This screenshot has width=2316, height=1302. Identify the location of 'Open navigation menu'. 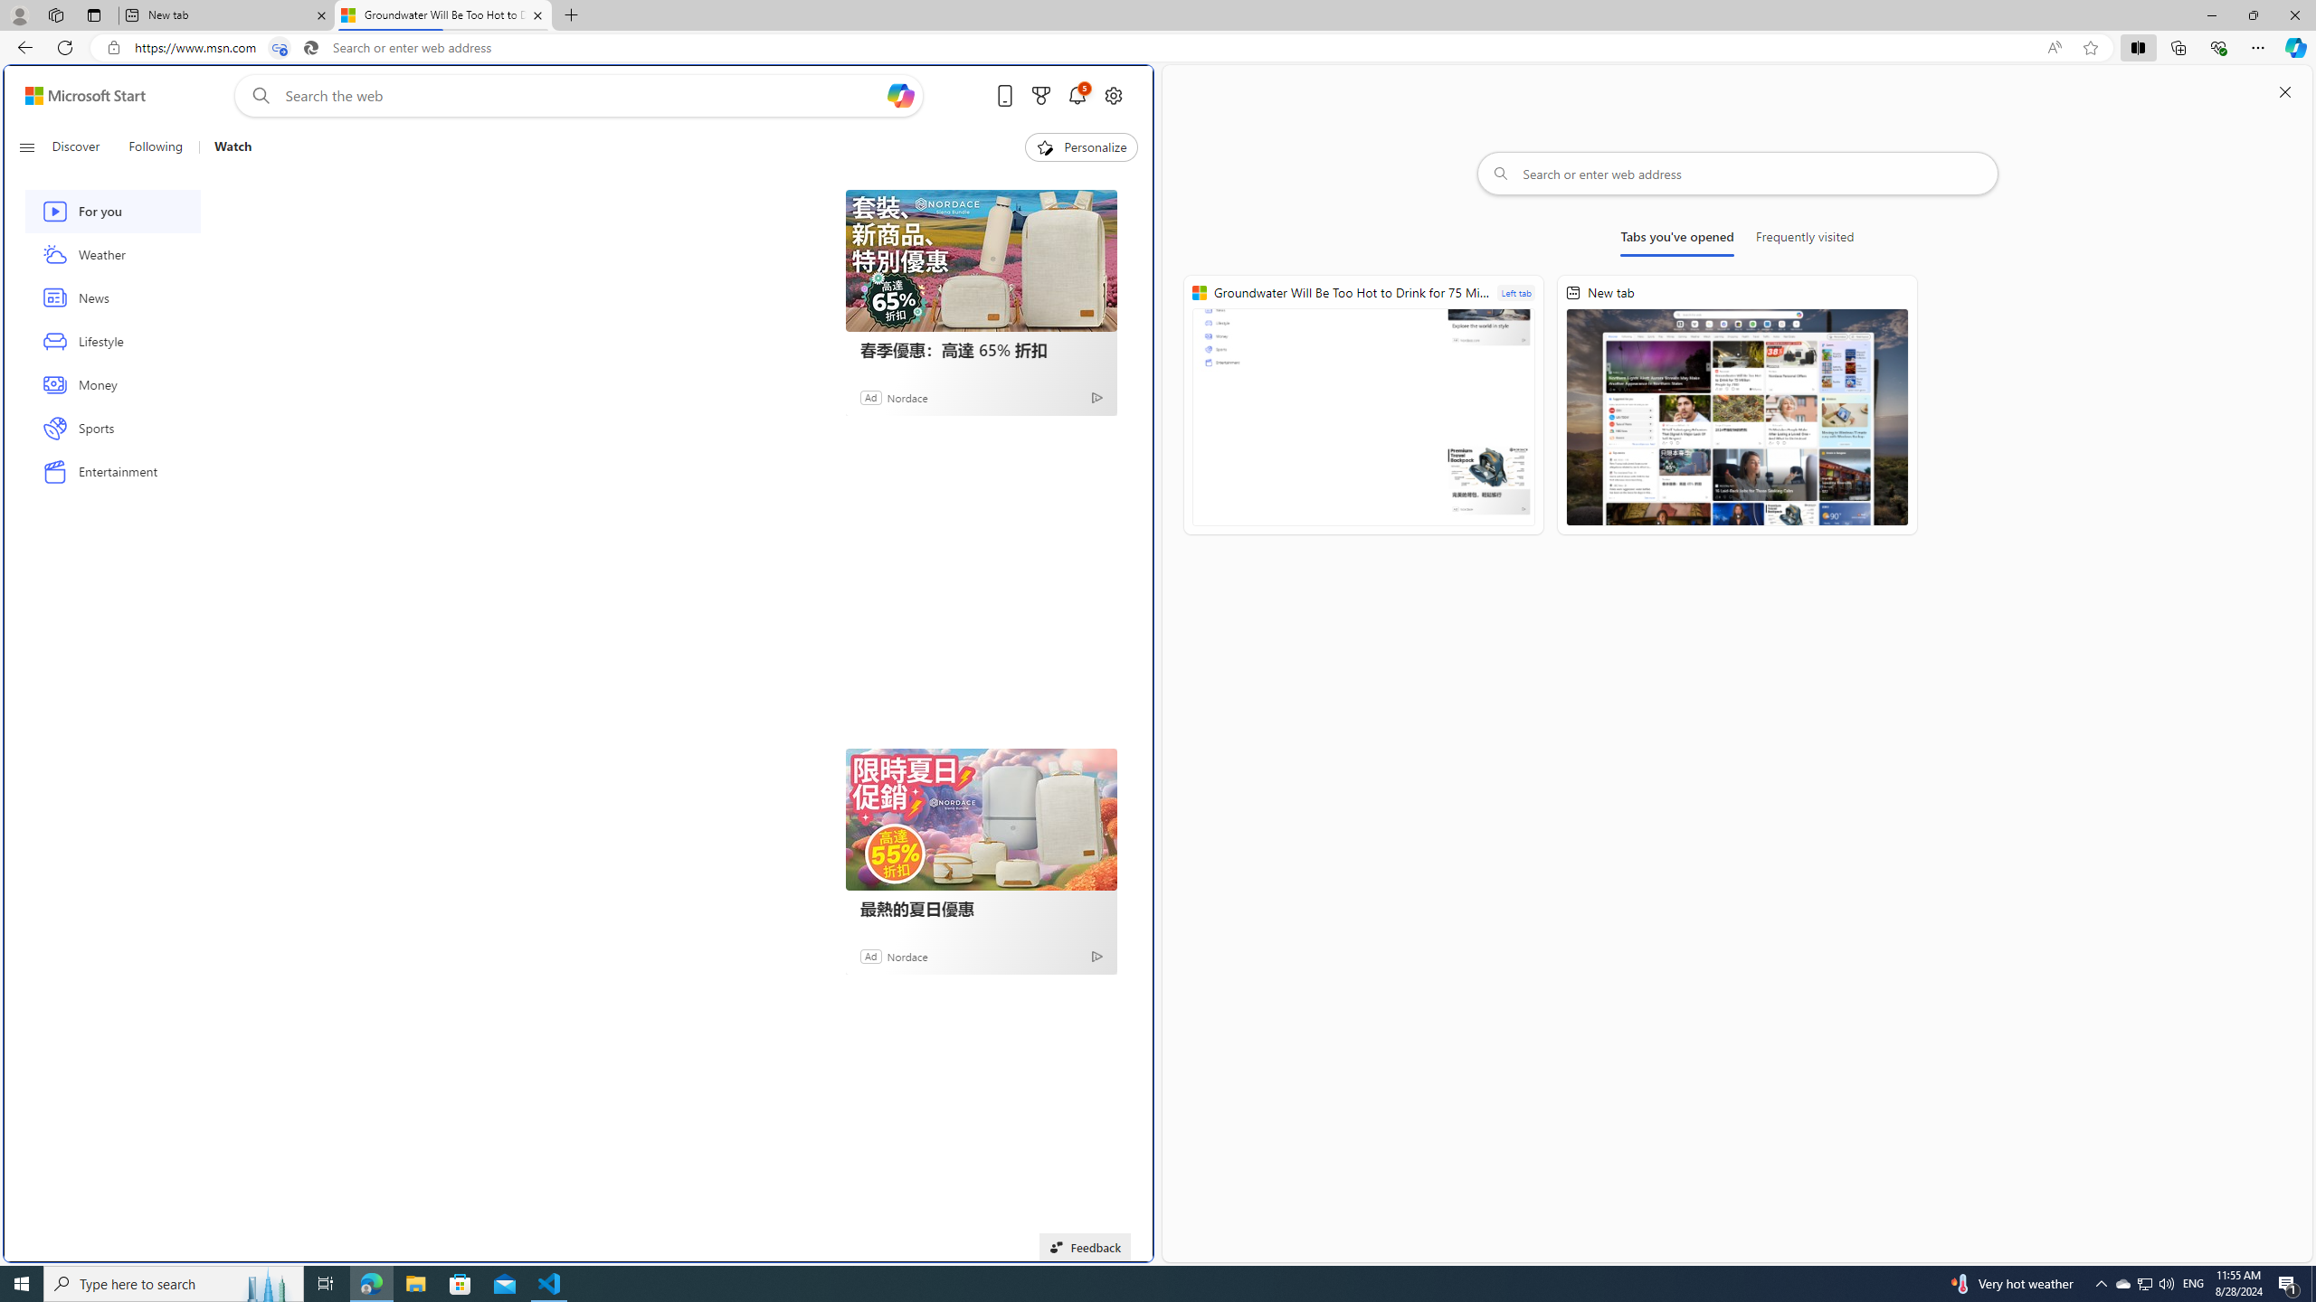
(25, 146).